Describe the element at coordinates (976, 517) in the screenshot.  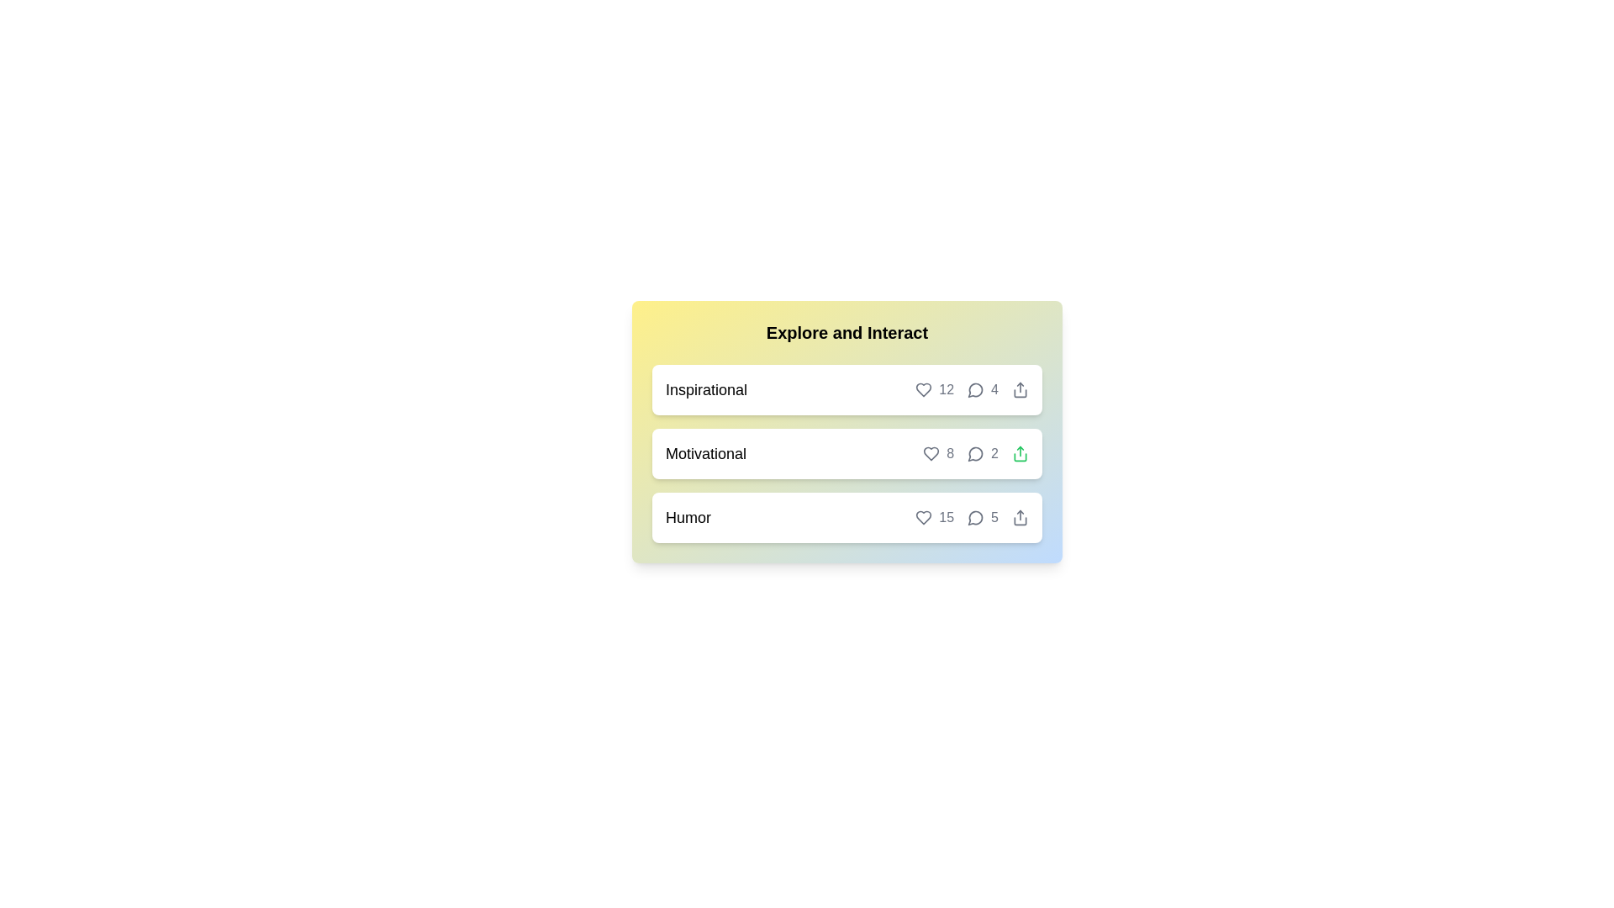
I see `the 'message' button for the chip labeled Humor` at that location.